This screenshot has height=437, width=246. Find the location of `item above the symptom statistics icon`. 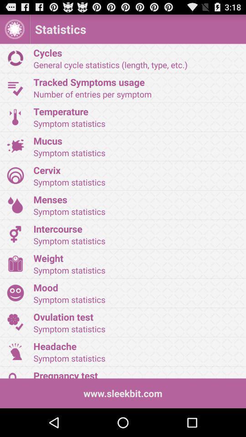

item above the symptom statistics icon is located at coordinates (136, 317).